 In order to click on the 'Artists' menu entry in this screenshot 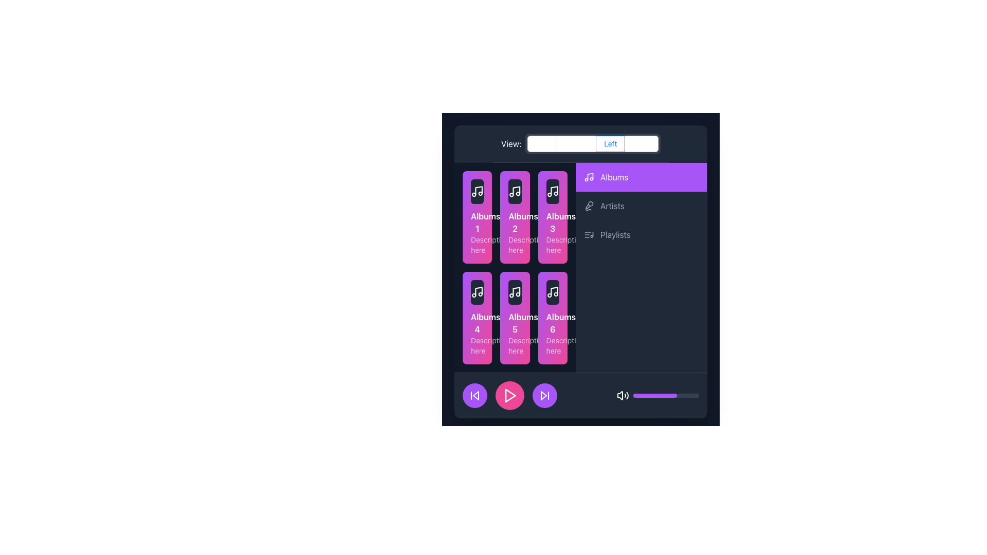, I will do `click(641, 206)`.